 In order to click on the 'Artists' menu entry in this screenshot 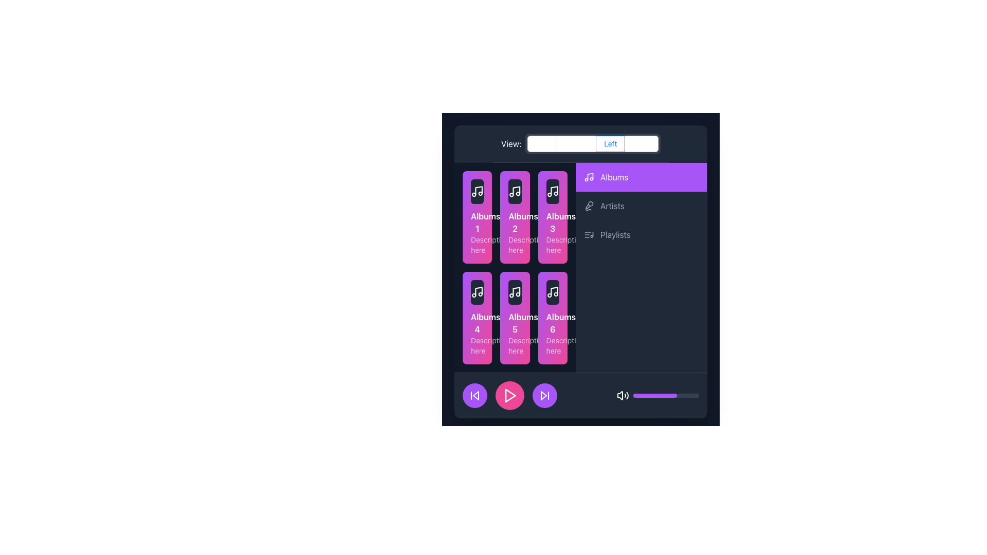, I will do `click(641, 206)`.